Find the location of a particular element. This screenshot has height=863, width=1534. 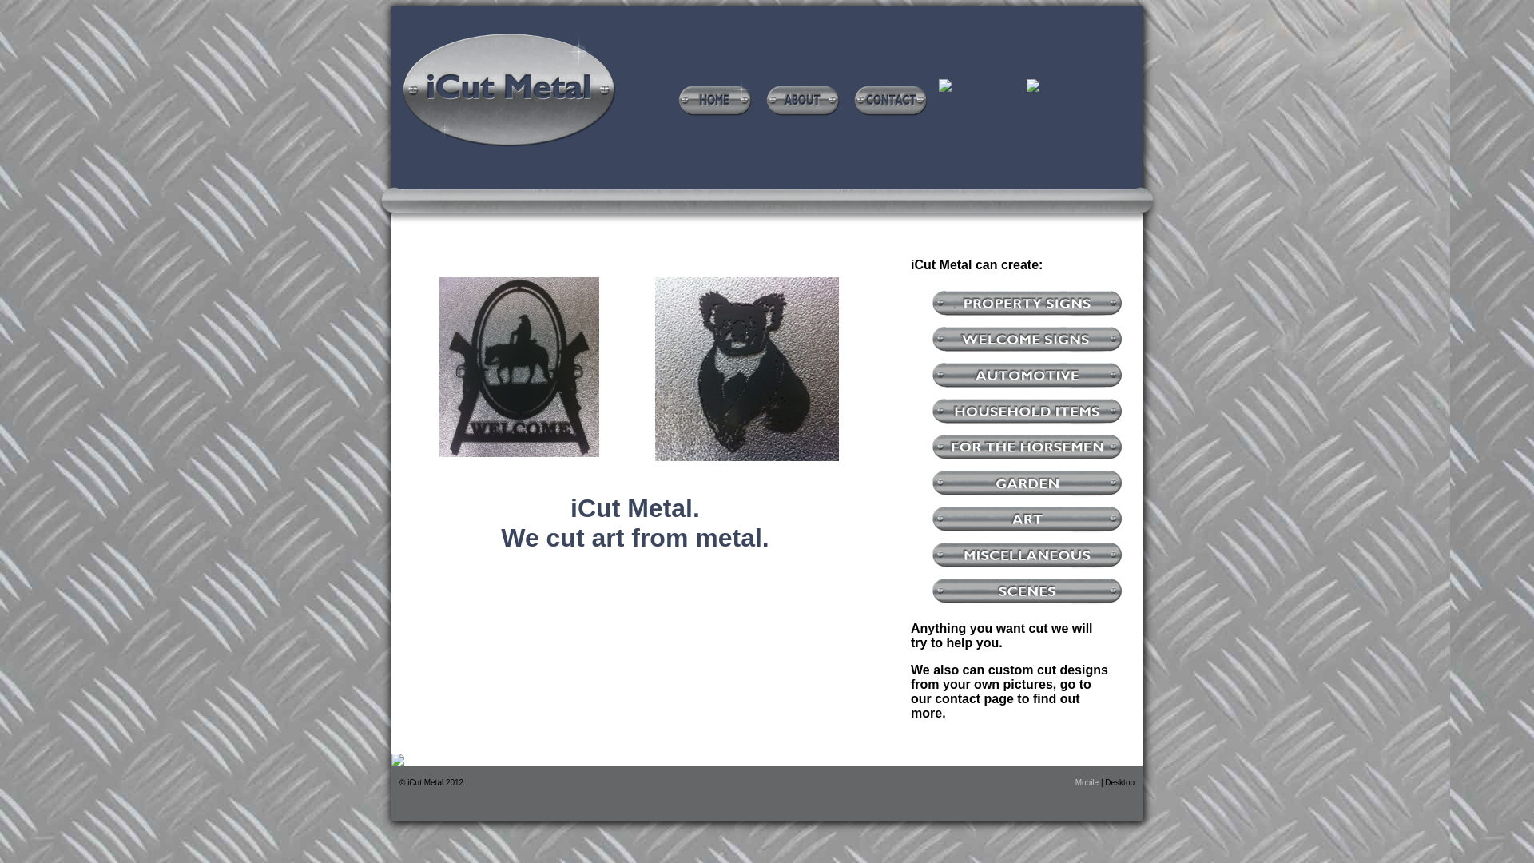

'Mobile' is located at coordinates (1087, 781).